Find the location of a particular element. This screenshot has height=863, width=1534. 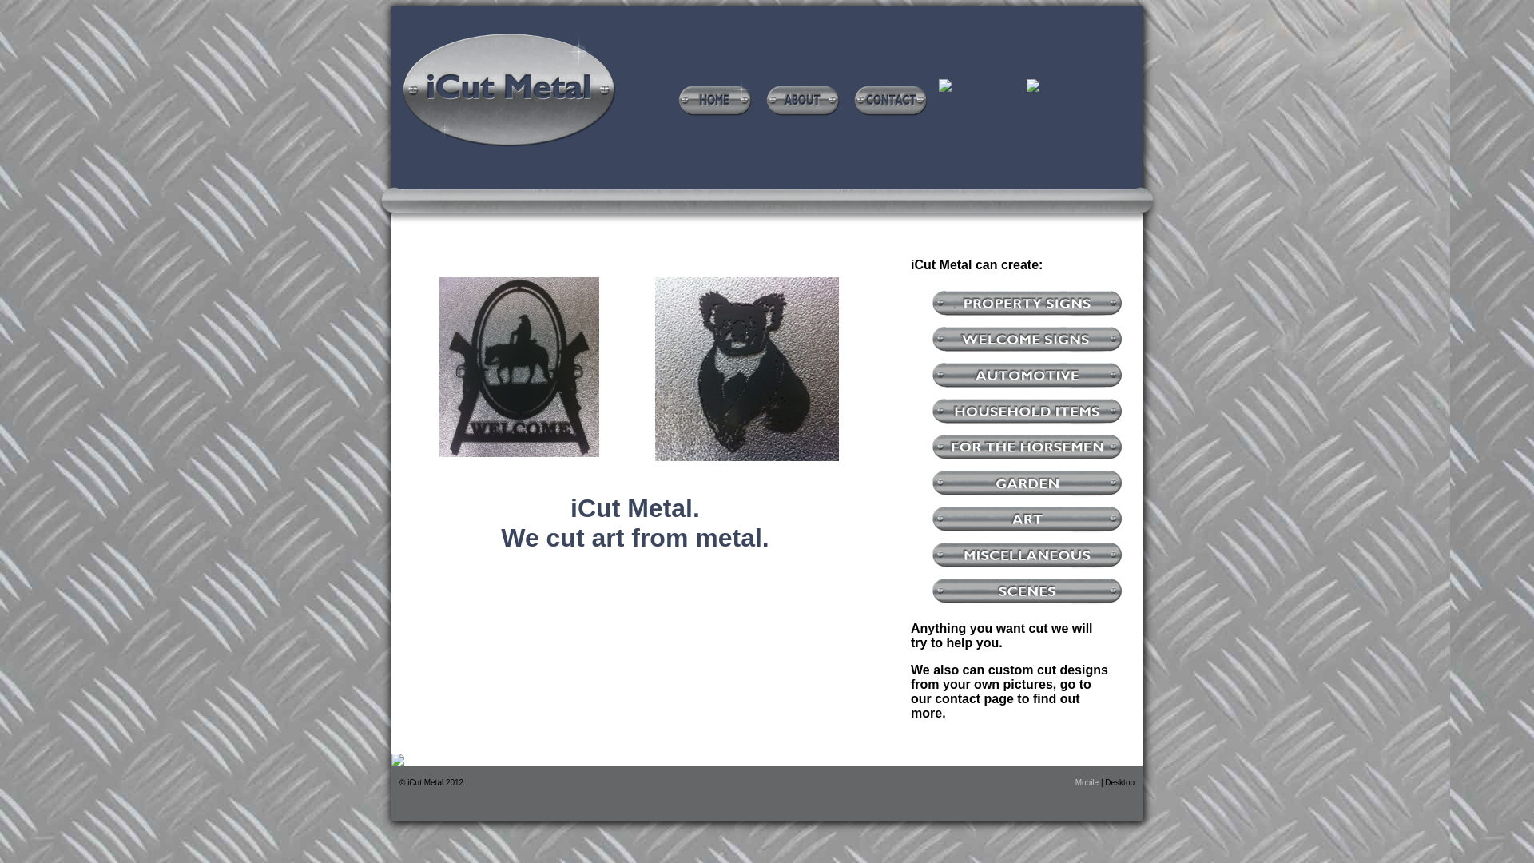

'Mobile' is located at coordinates (1087, 781).